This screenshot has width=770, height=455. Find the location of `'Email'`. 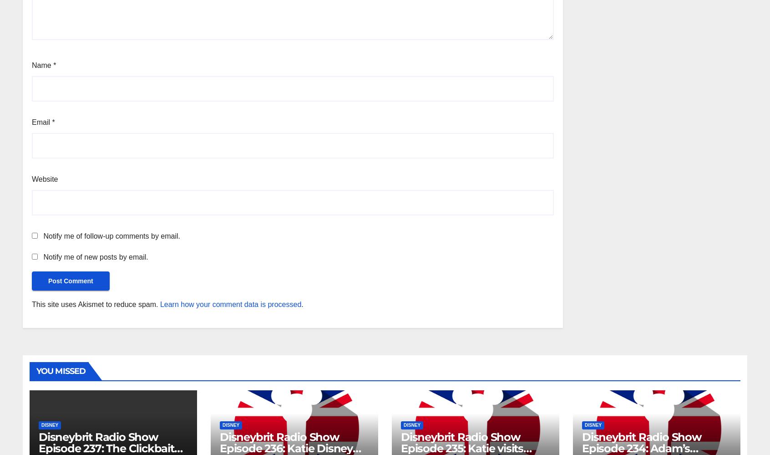

'Email' is located at coordinates (42, 122).